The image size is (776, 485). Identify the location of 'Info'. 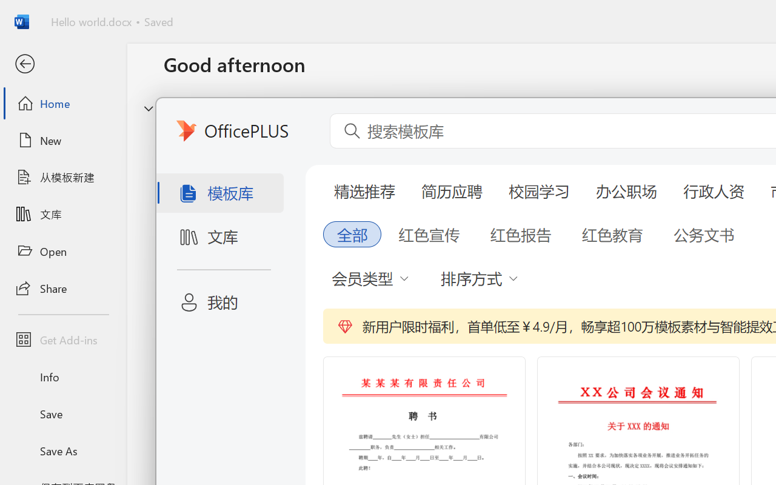
(62, 376).